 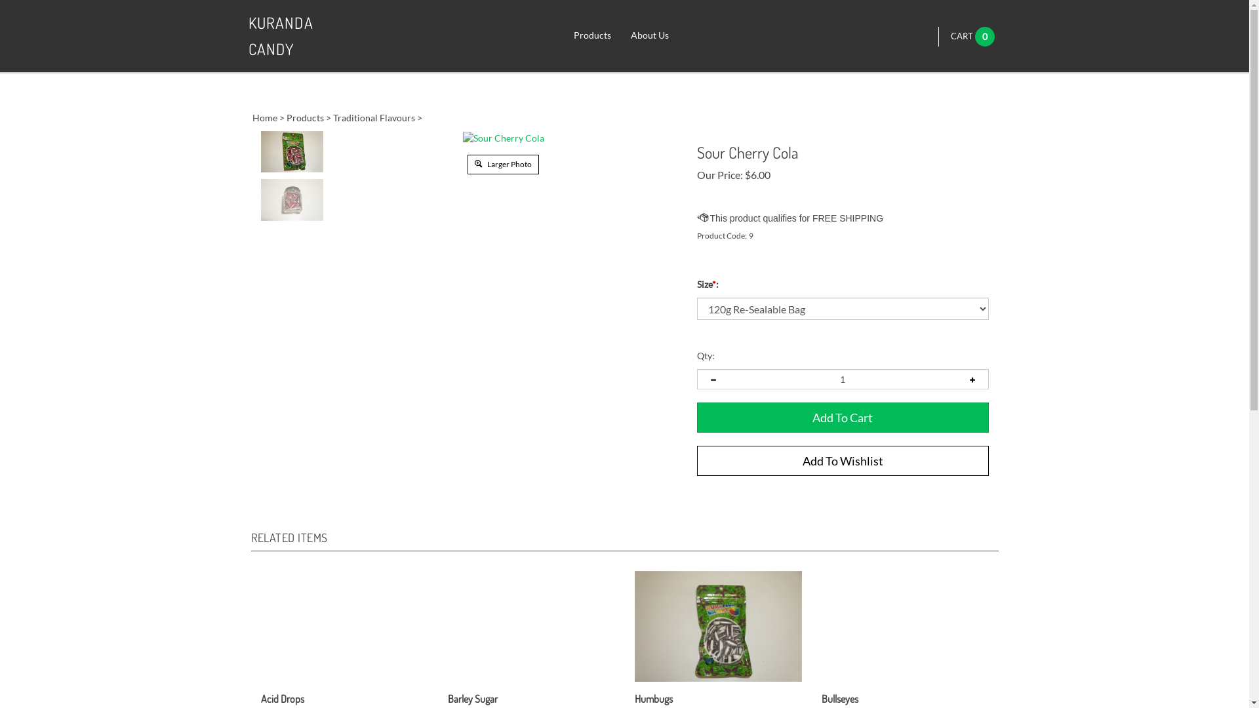 I want to click on 'CART, so click(x=950, y=35).